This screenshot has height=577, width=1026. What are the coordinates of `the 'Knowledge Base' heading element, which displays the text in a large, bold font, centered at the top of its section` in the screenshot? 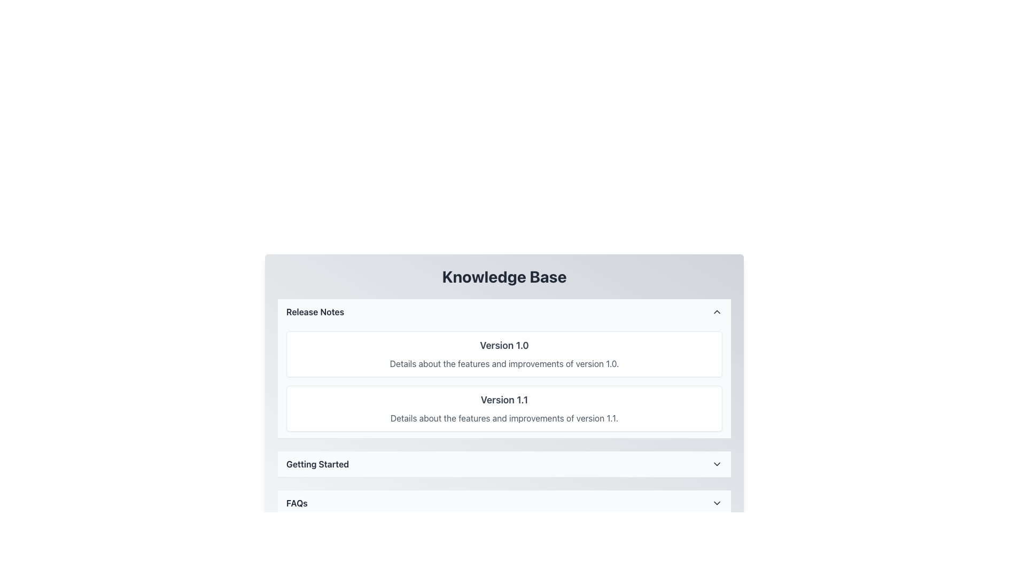 It's located at (504, 276).